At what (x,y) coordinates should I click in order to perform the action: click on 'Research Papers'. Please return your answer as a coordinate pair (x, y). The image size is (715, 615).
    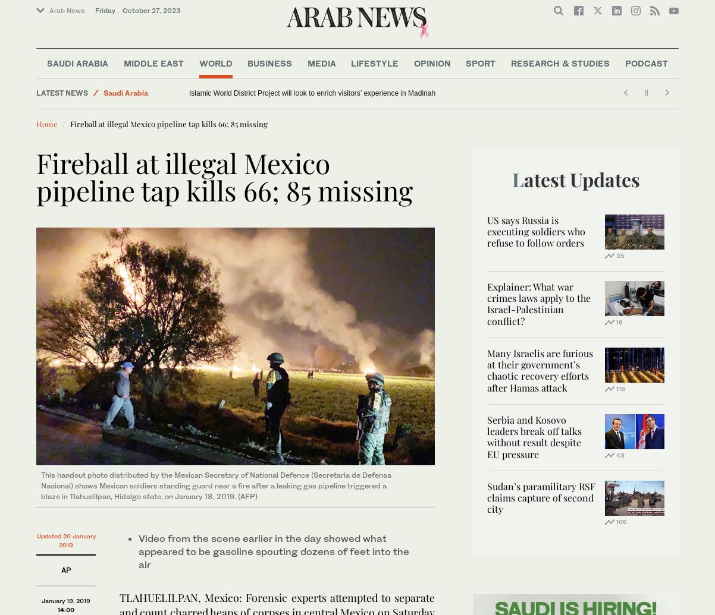
    Looking at the image, I should click on (406, 90).